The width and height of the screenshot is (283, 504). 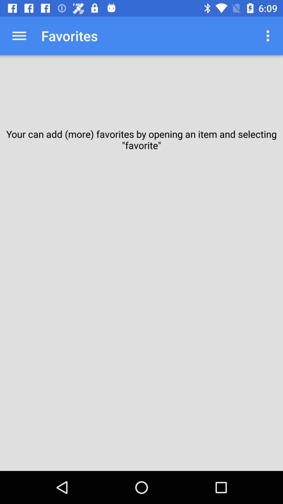 I want to click on icon next to the favorites, so click(x=19, y=35).